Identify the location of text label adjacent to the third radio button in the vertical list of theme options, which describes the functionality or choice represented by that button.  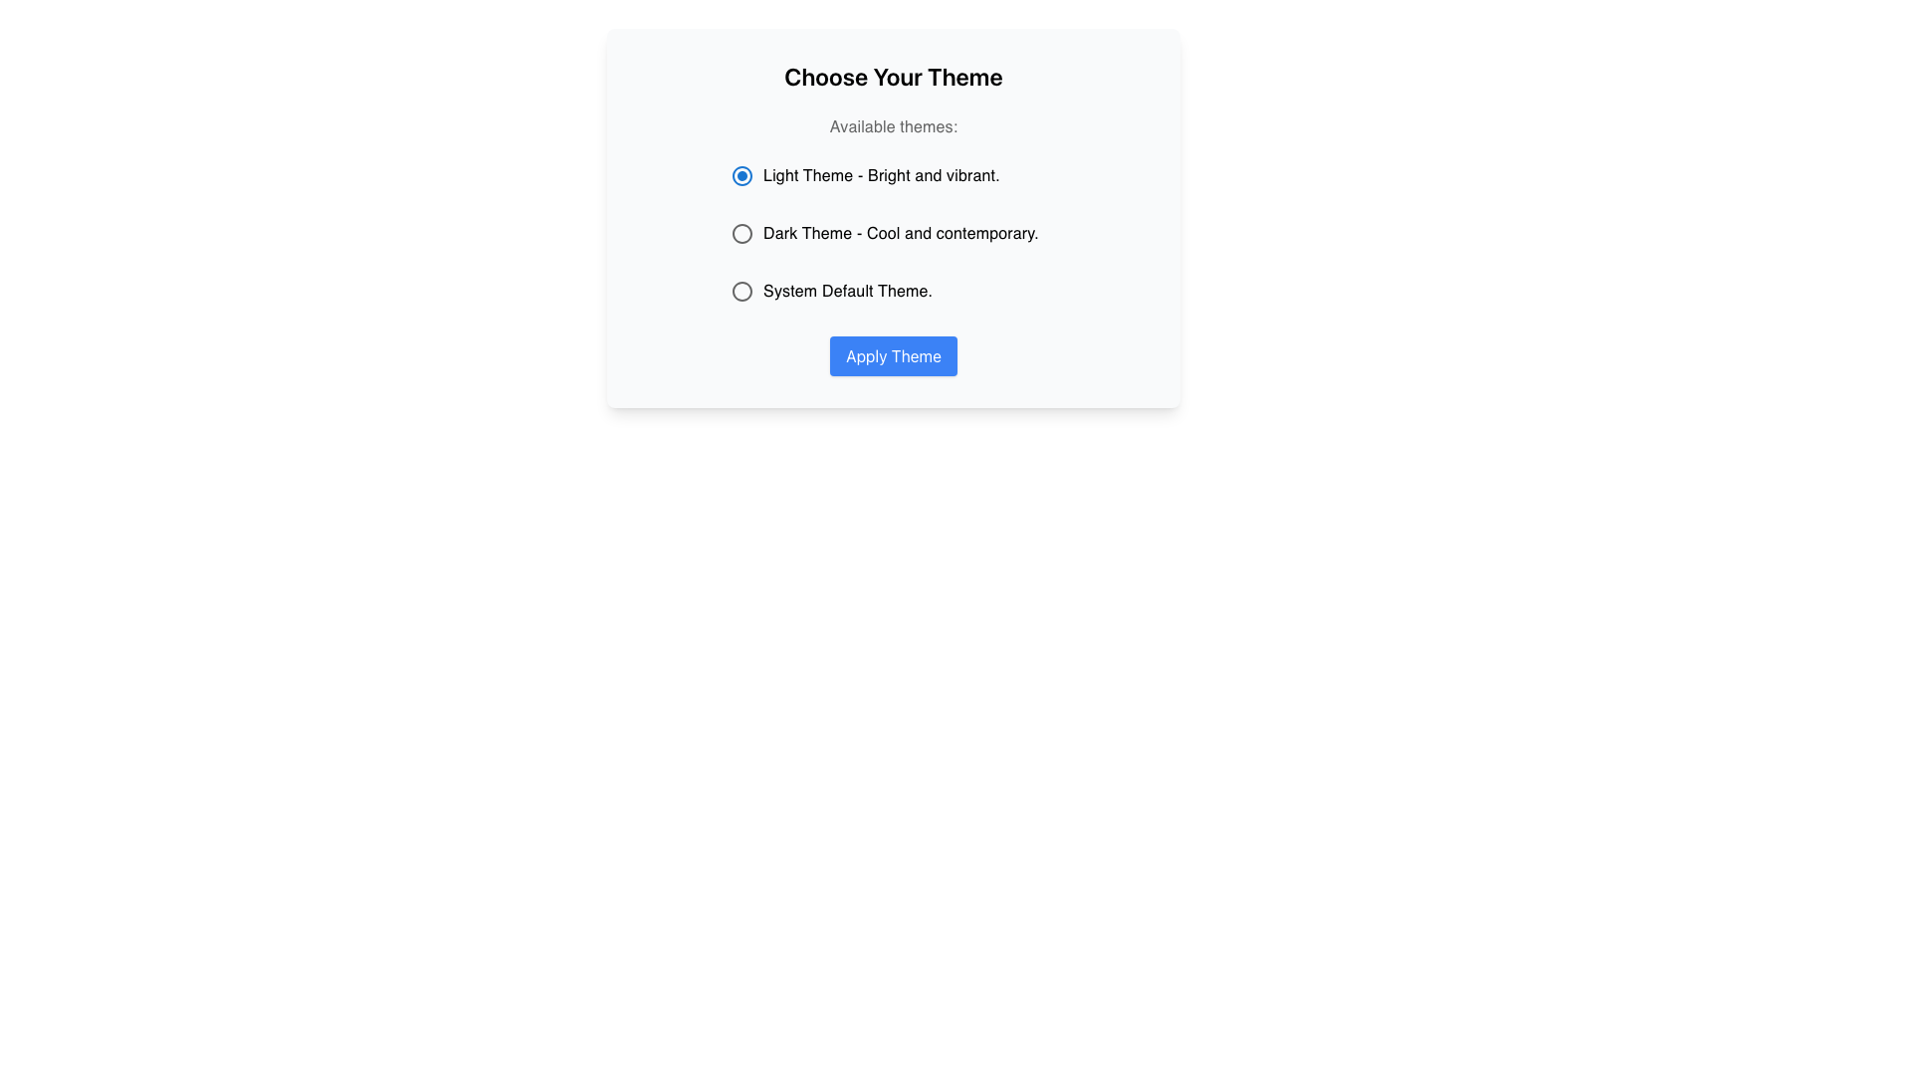
(848, 292).